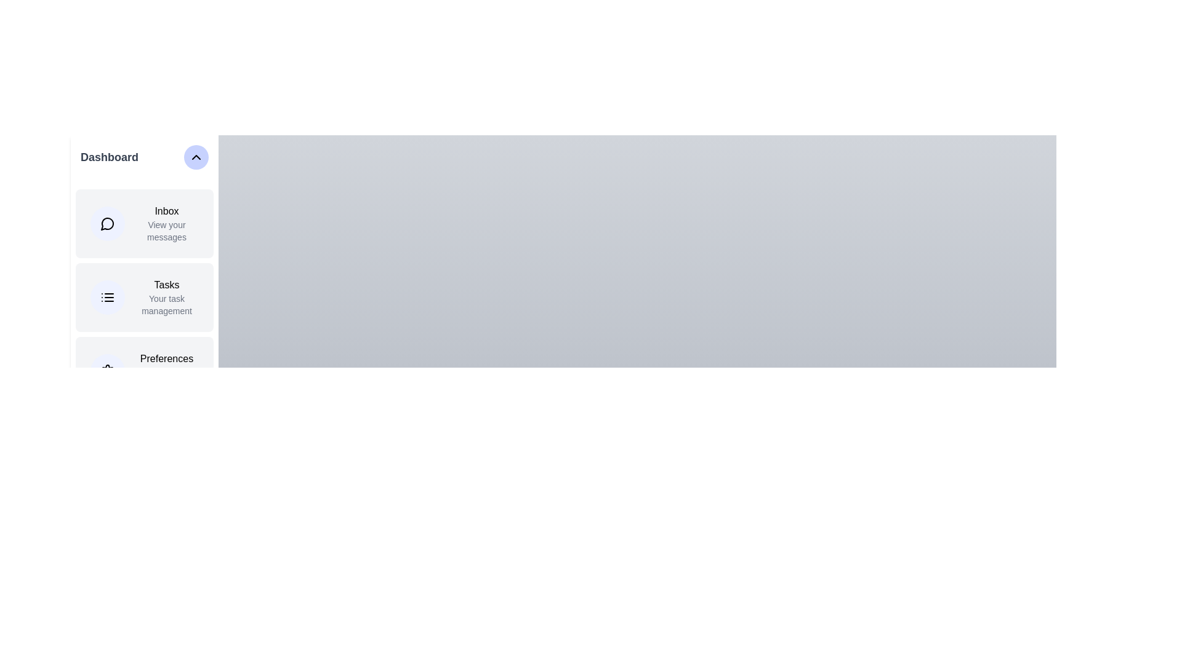 Image resolution: width=1182 pixels, height=664 pixels. I want to click on the menu item Tasks, so click(145, 297).